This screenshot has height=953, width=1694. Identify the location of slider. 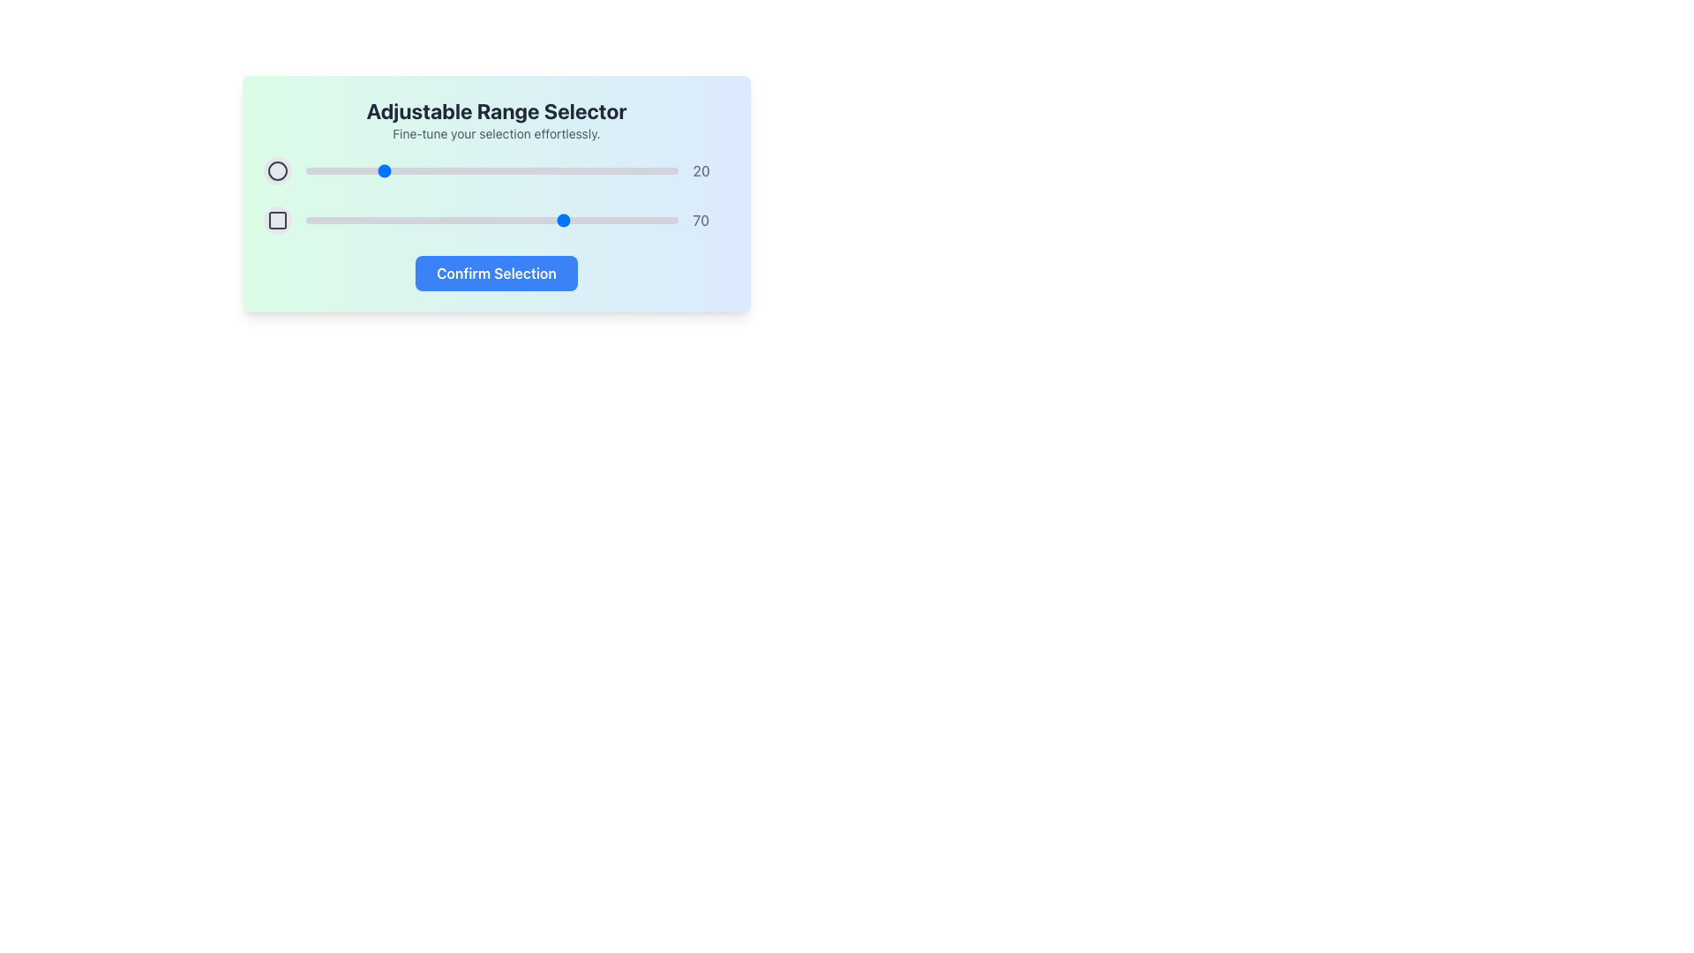
(581, 170).